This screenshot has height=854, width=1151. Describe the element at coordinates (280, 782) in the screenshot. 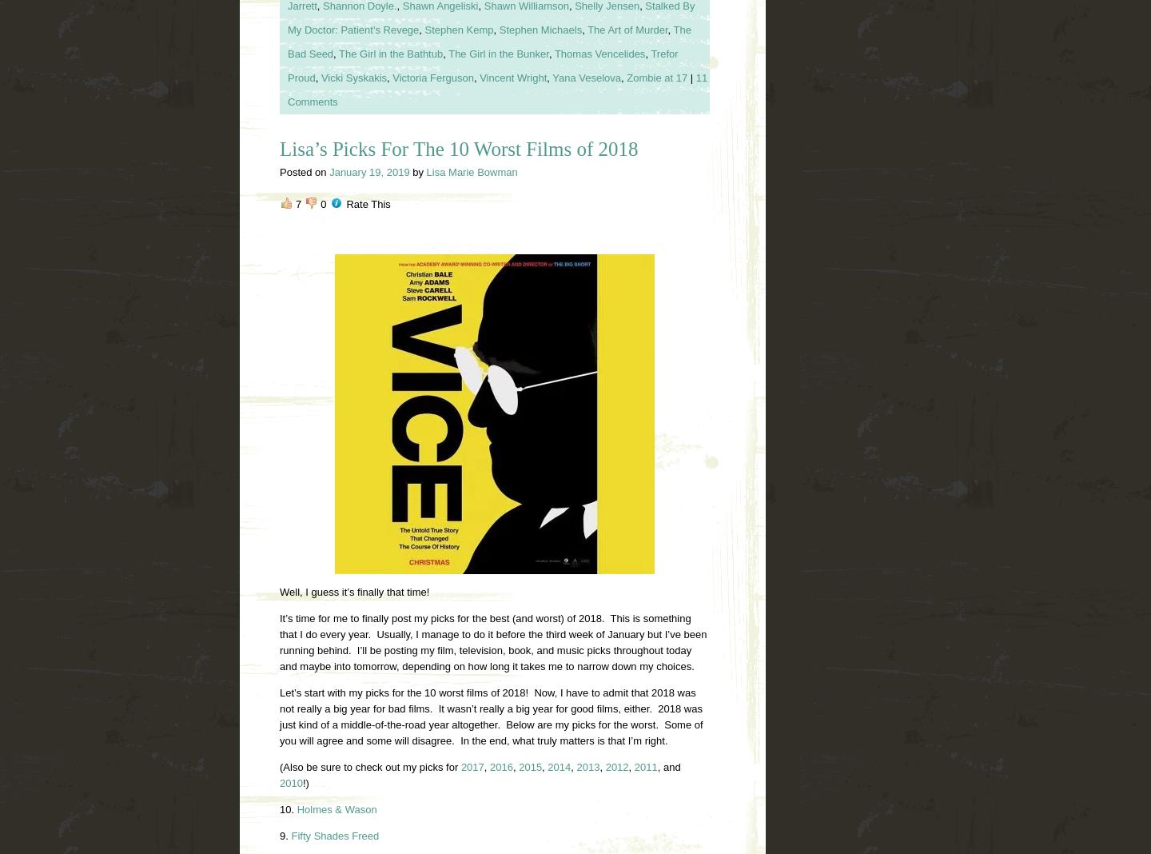

I see `'2010'` at that location.